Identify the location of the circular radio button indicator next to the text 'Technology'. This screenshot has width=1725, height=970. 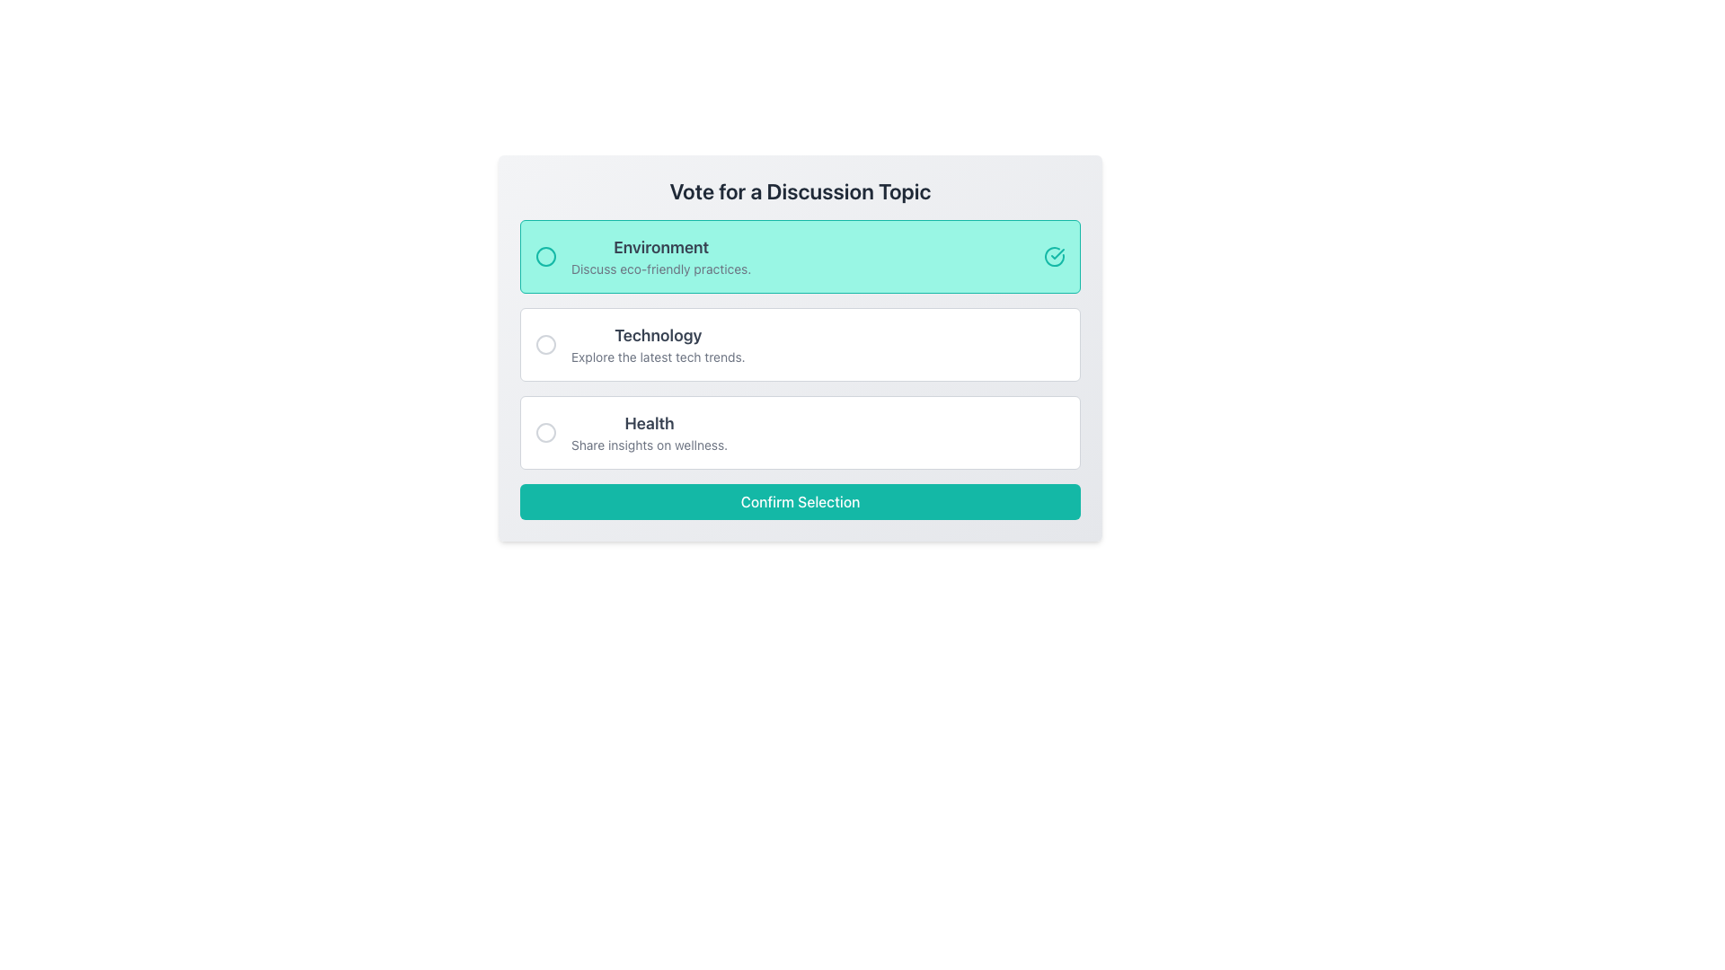
(545, 345).